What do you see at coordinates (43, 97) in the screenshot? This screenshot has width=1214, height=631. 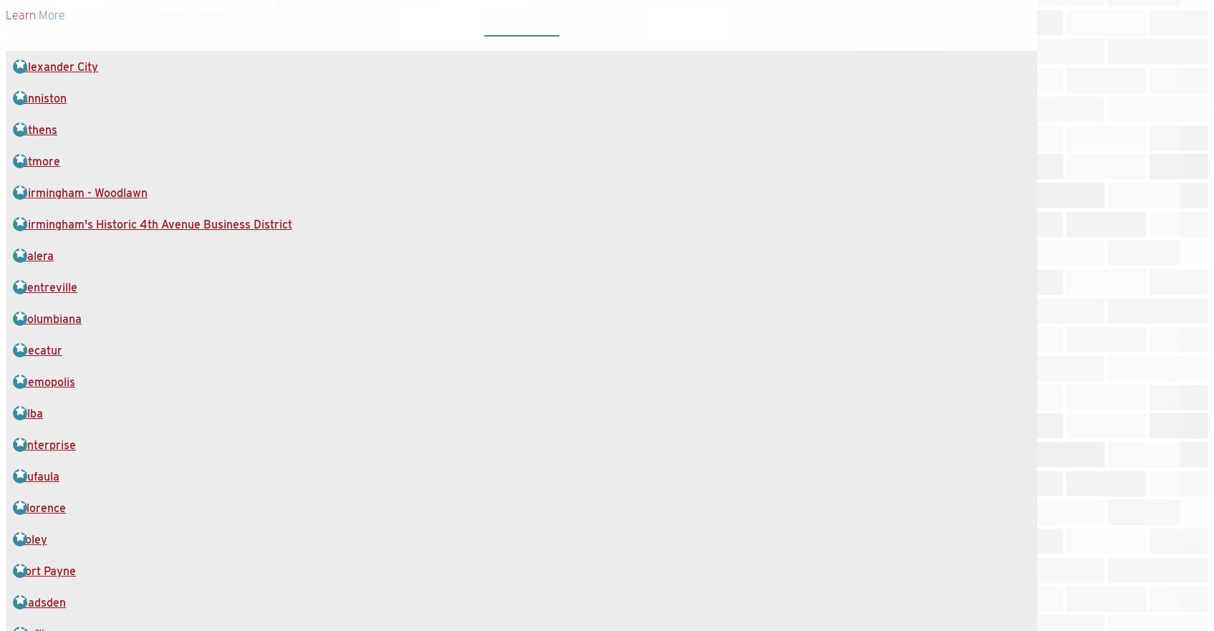 I see `'Anniston'` at bounding box center [43, 97].